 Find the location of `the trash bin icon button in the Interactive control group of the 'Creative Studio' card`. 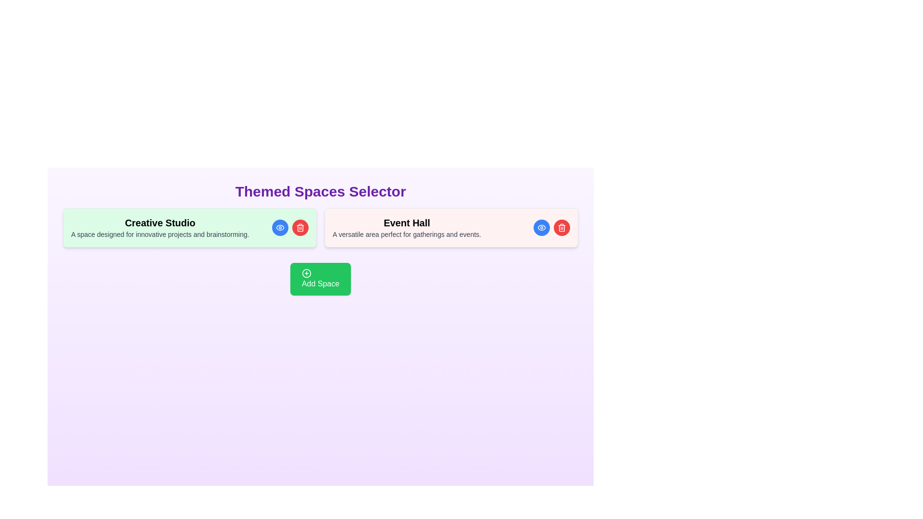

the trash bin icon button in the Interactive control group of the 'Creative Studio' card is located at coordinates (290, 228).